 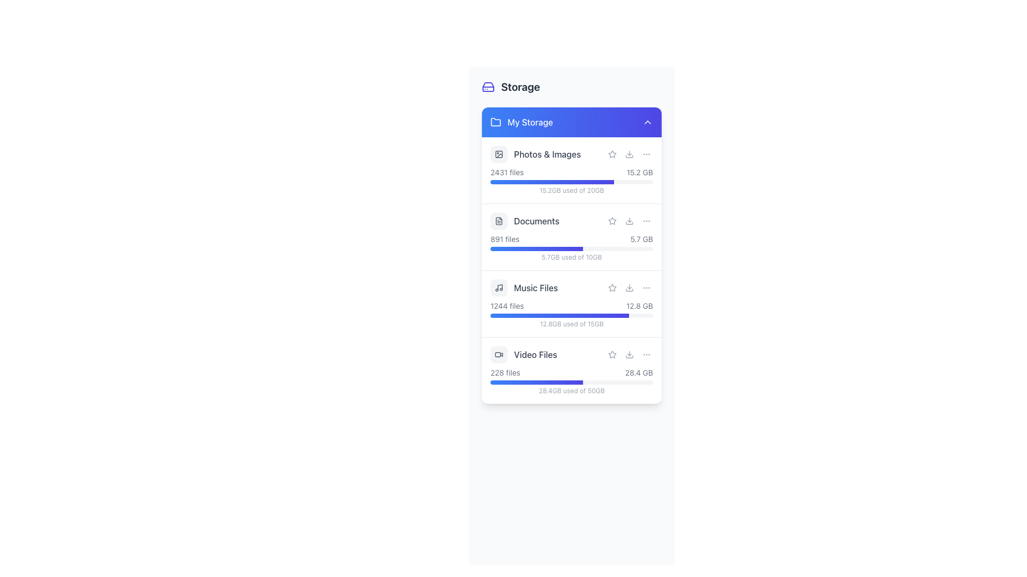 I want to click on the Progress bar located at the bottom of the 'Video Files' section, which visually represents the used storage out of the total capacity, so click(x=571, y=382).